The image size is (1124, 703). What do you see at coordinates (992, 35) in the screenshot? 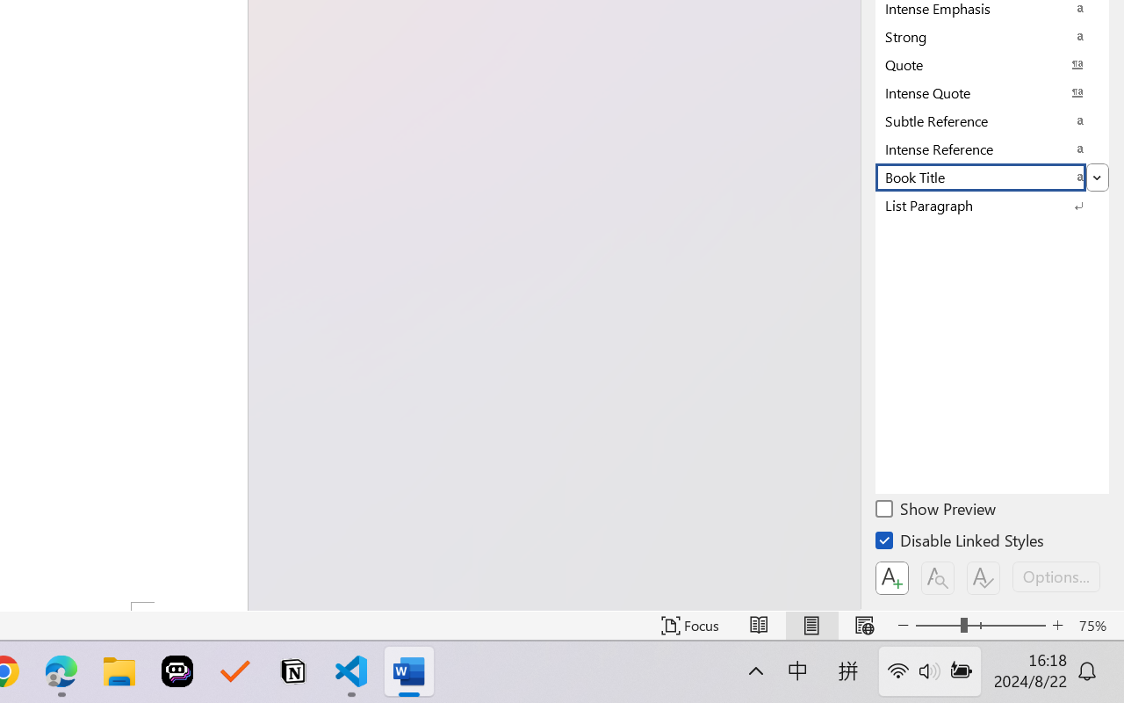
I see `'Strong'` at bounding box center [992, 35].